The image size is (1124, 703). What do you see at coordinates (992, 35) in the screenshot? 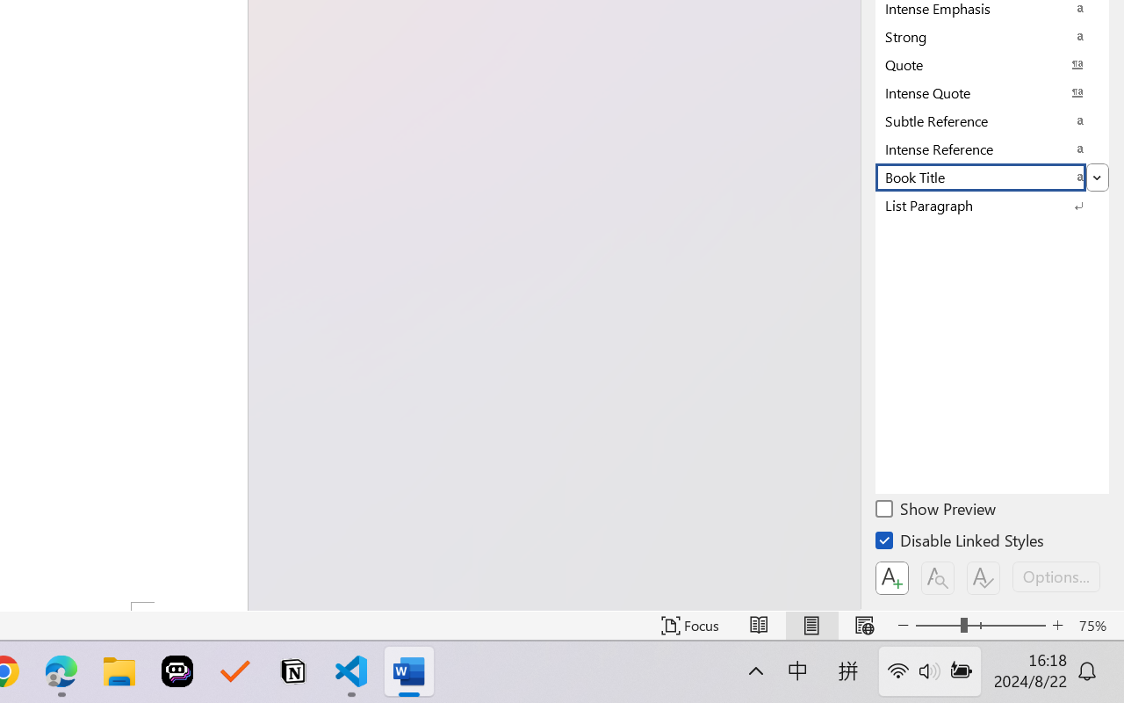
I see `'Strong'` at bounding box center [992, 35].